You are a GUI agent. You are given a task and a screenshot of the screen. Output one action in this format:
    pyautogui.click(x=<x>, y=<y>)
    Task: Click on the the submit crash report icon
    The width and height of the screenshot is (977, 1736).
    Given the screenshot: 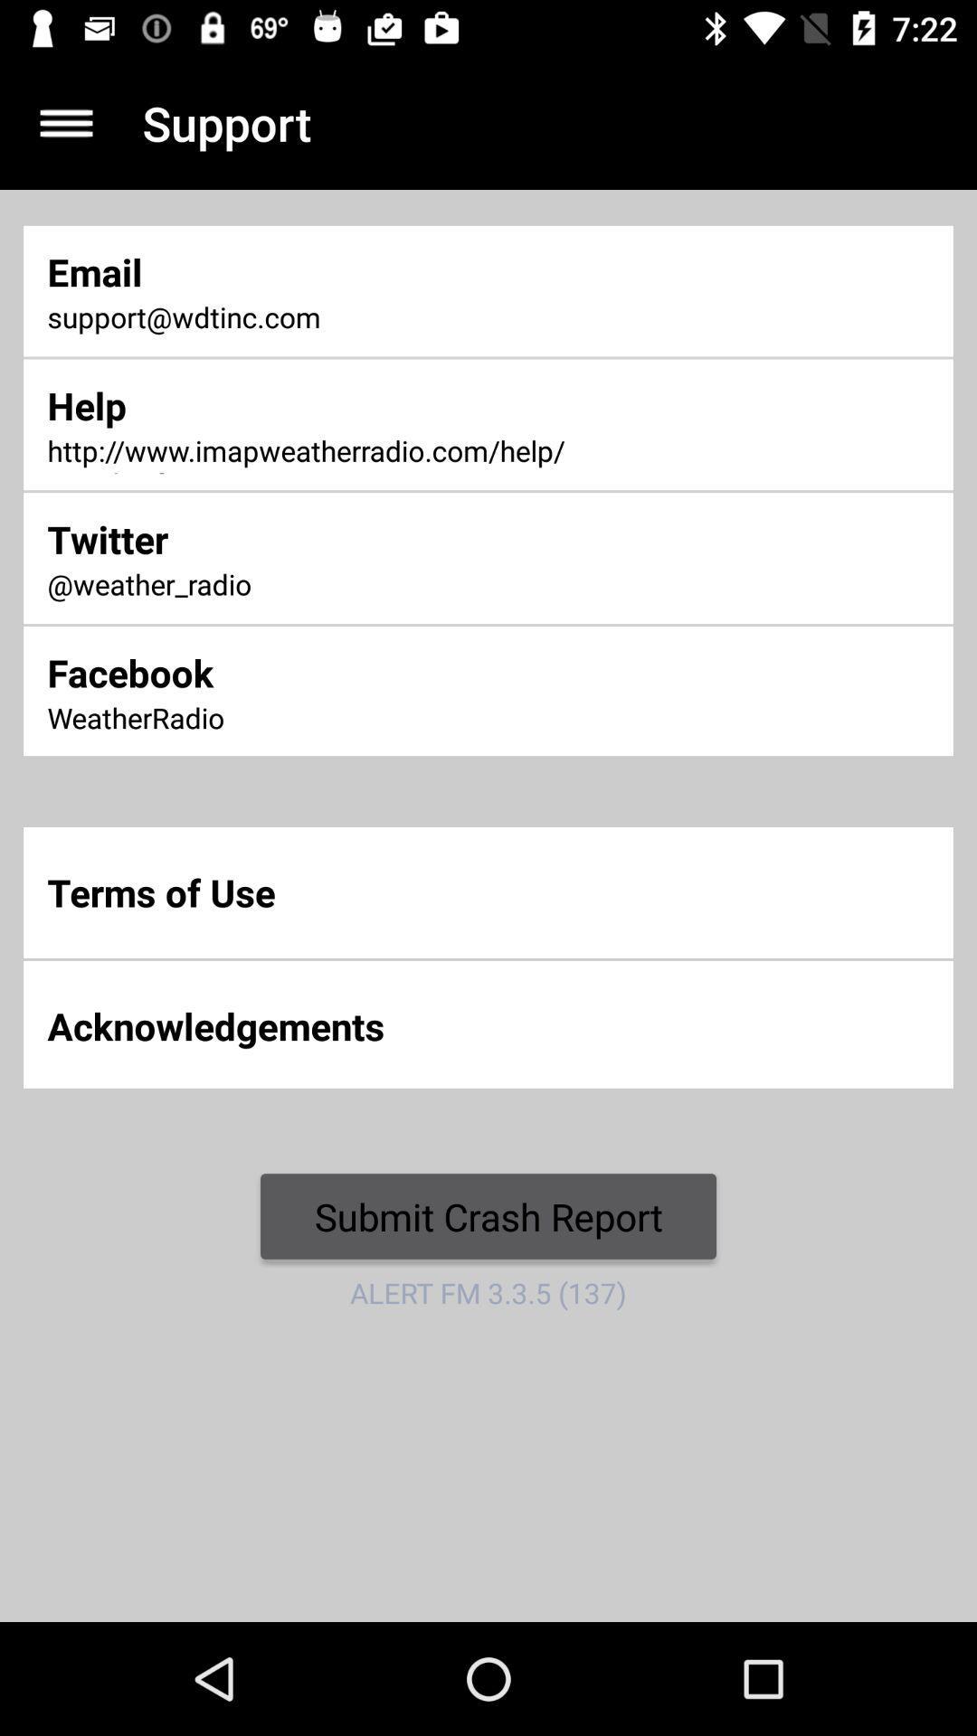 What is the action you would take?
    pyautogui.click(x=488, y=1216)
    